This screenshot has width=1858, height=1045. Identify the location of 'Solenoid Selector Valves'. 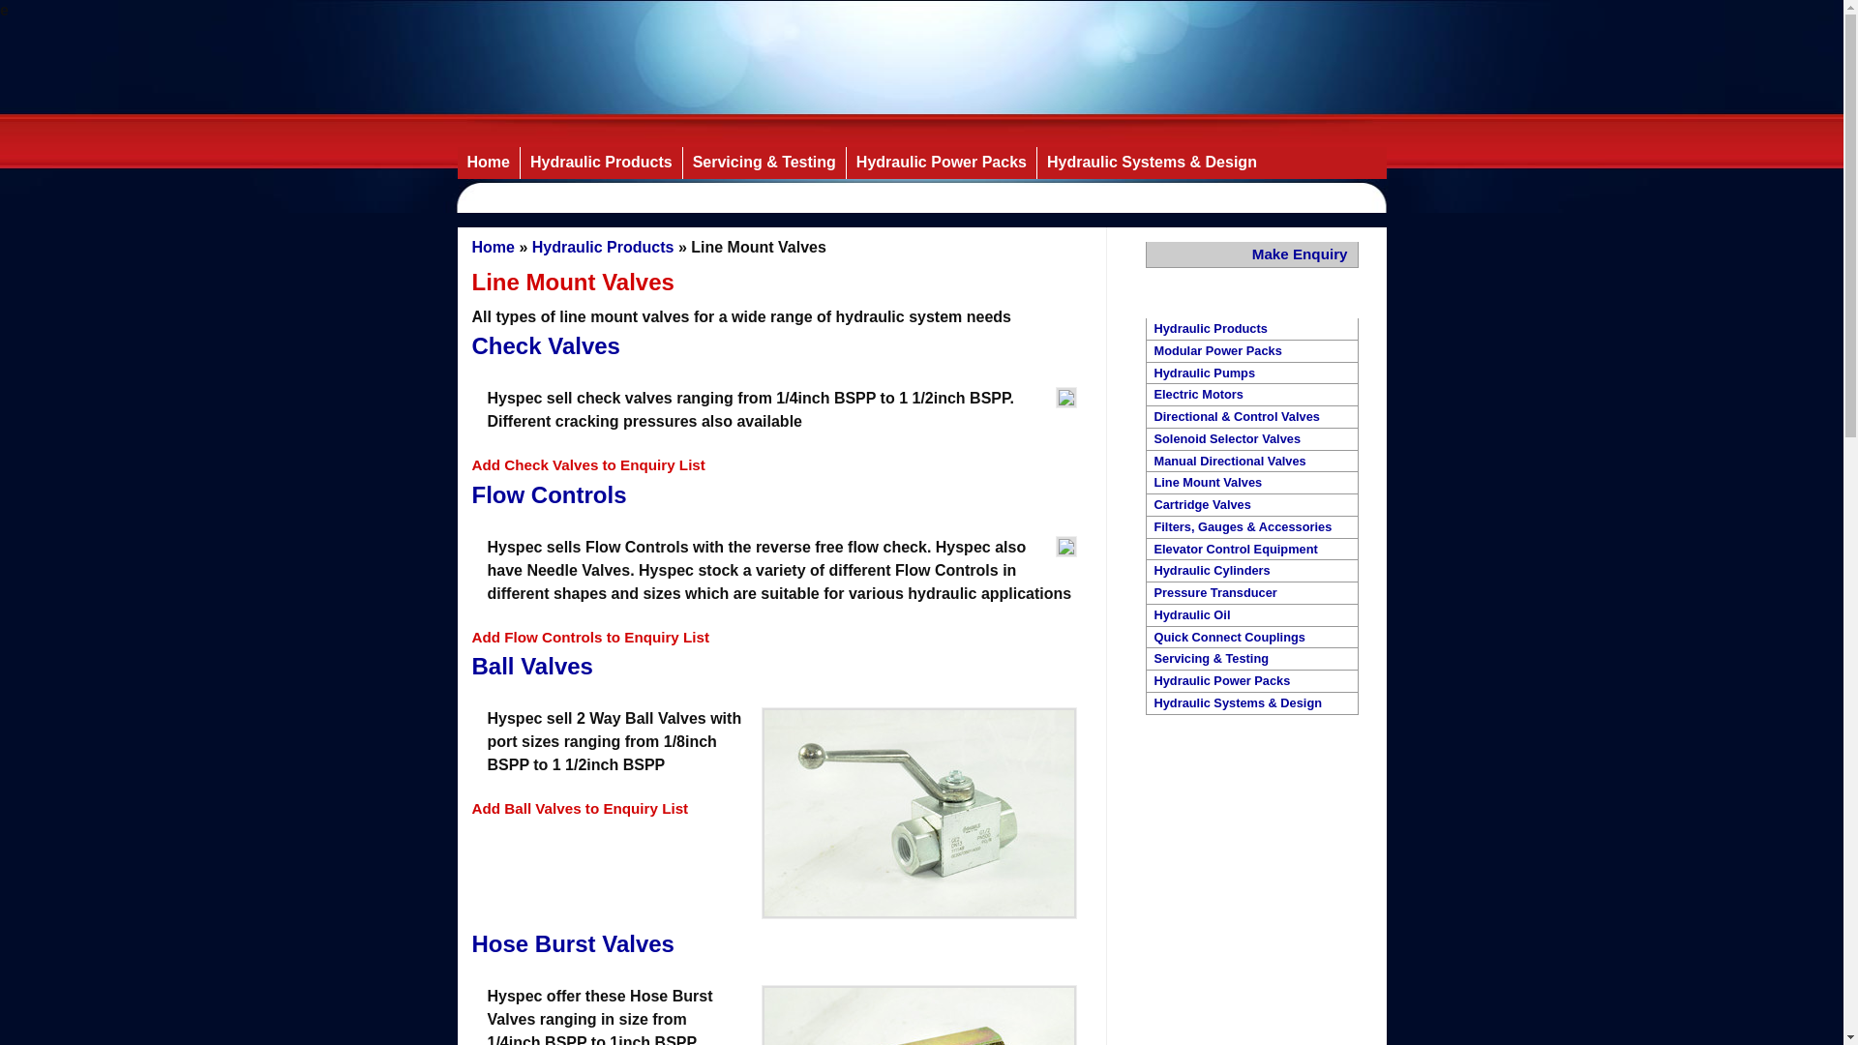
(1250, 439).